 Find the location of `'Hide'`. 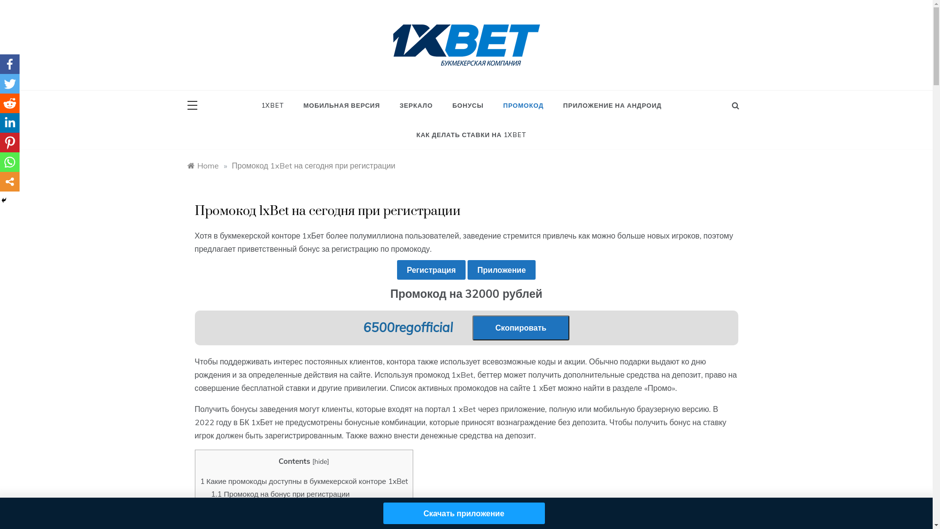

'Hide' is located at coordinates (0, 199).